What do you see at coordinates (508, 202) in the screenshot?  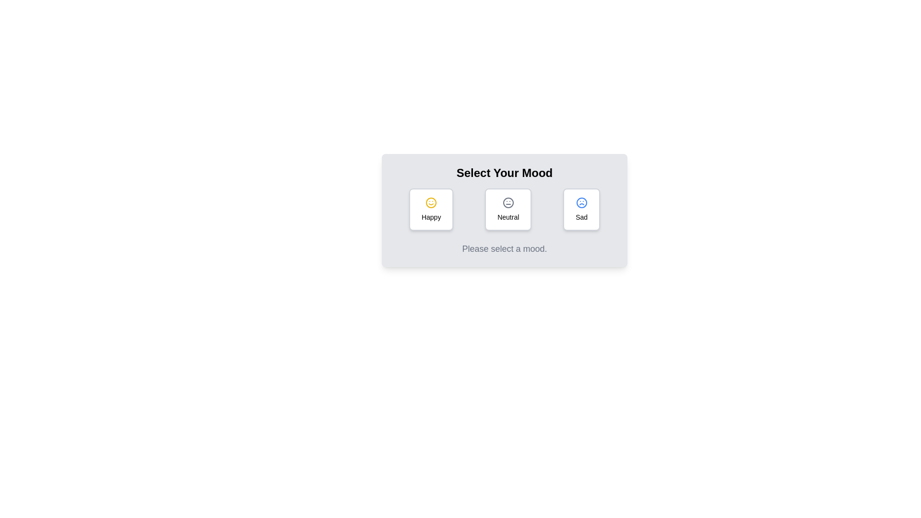 I see `the center of the neutral mood vector graphic icon in the mood selection interface` at bounding box center [508, 202].